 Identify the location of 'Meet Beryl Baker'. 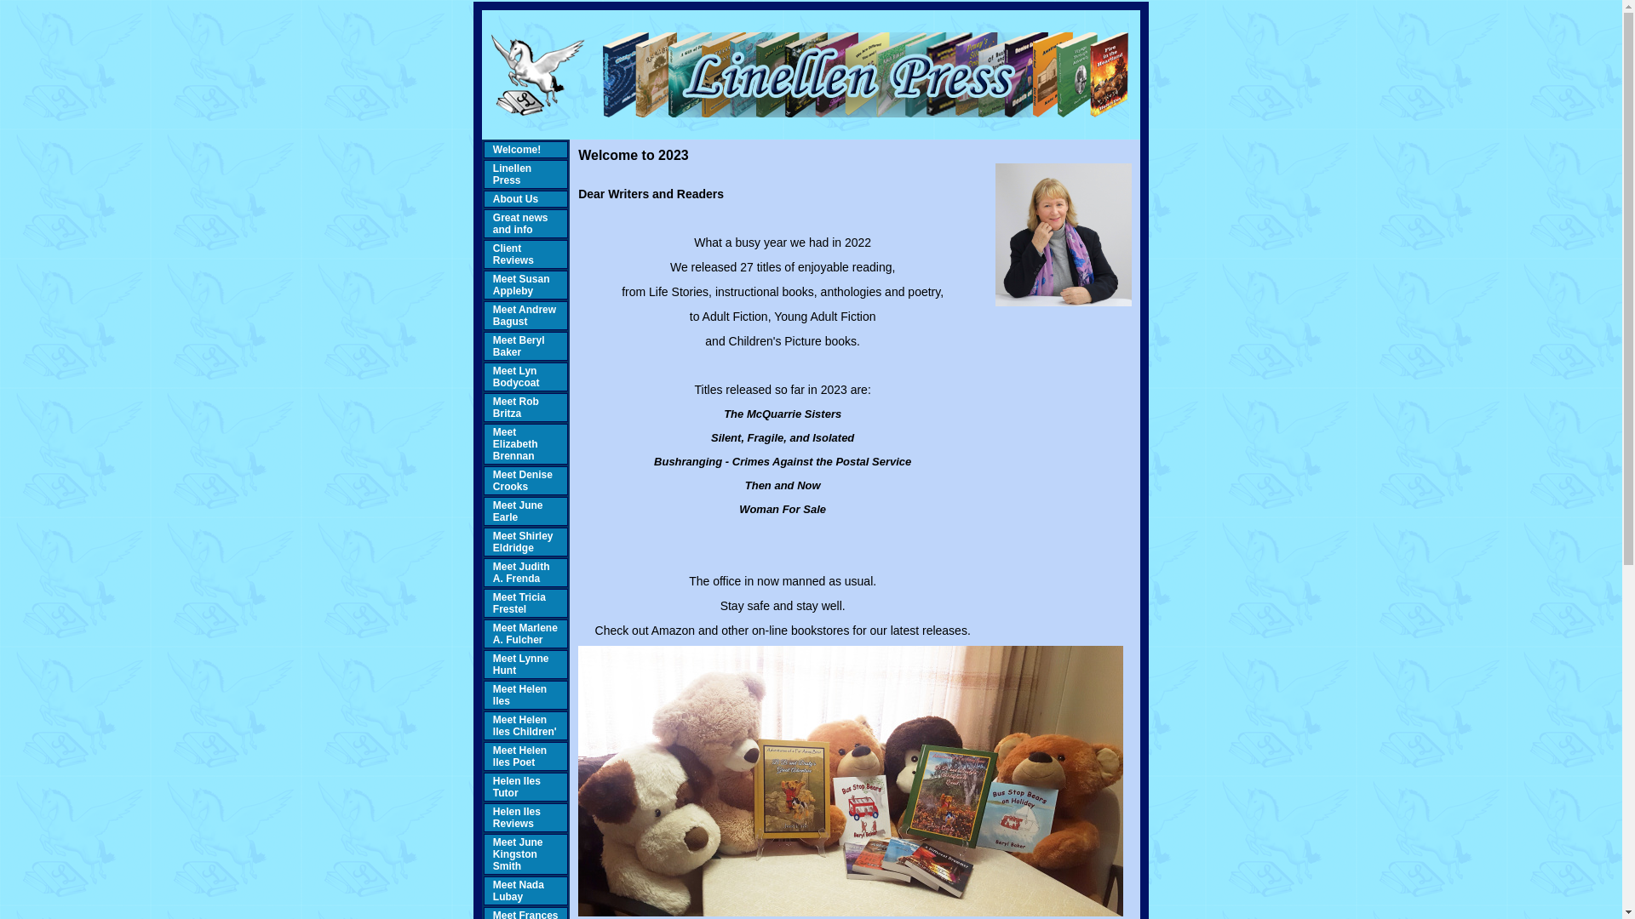
(492, 345).